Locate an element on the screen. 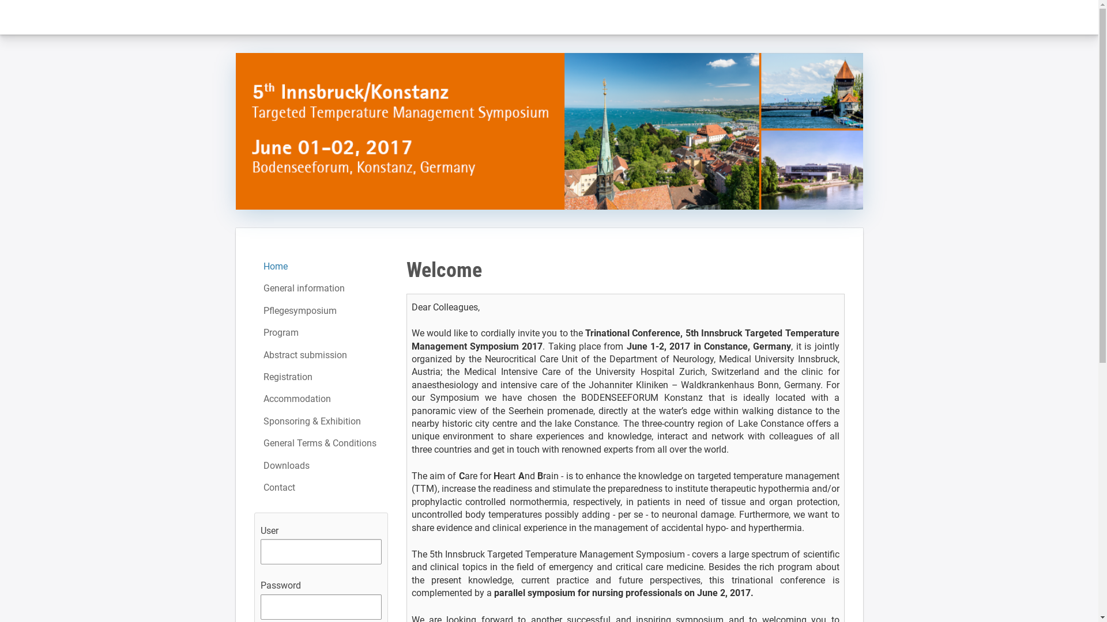  'Abstract submission' is located at coordinates (321, 355).